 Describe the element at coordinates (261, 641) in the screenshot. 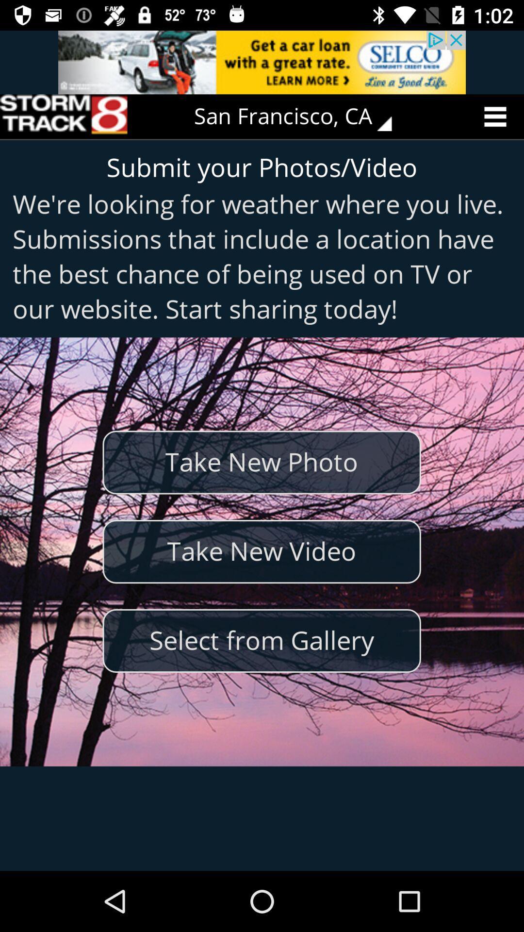

I see `select from gallery item` at that location.